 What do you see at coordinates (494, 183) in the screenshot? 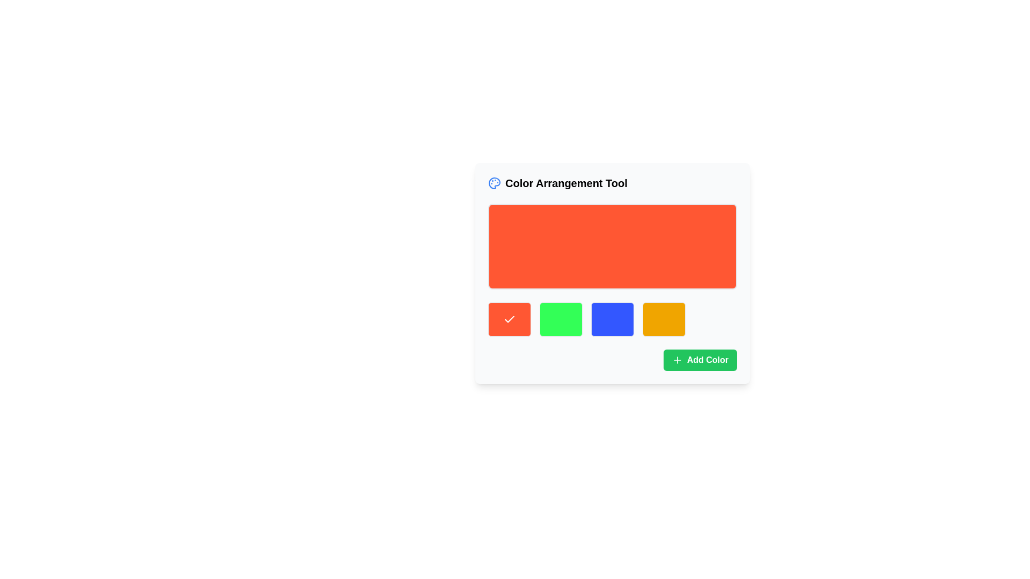
I see `the blue painter's palette icon located at the leftmost side of the header section of the 'Color Arrangement Tool' interface` at bounding box center [494, 183].